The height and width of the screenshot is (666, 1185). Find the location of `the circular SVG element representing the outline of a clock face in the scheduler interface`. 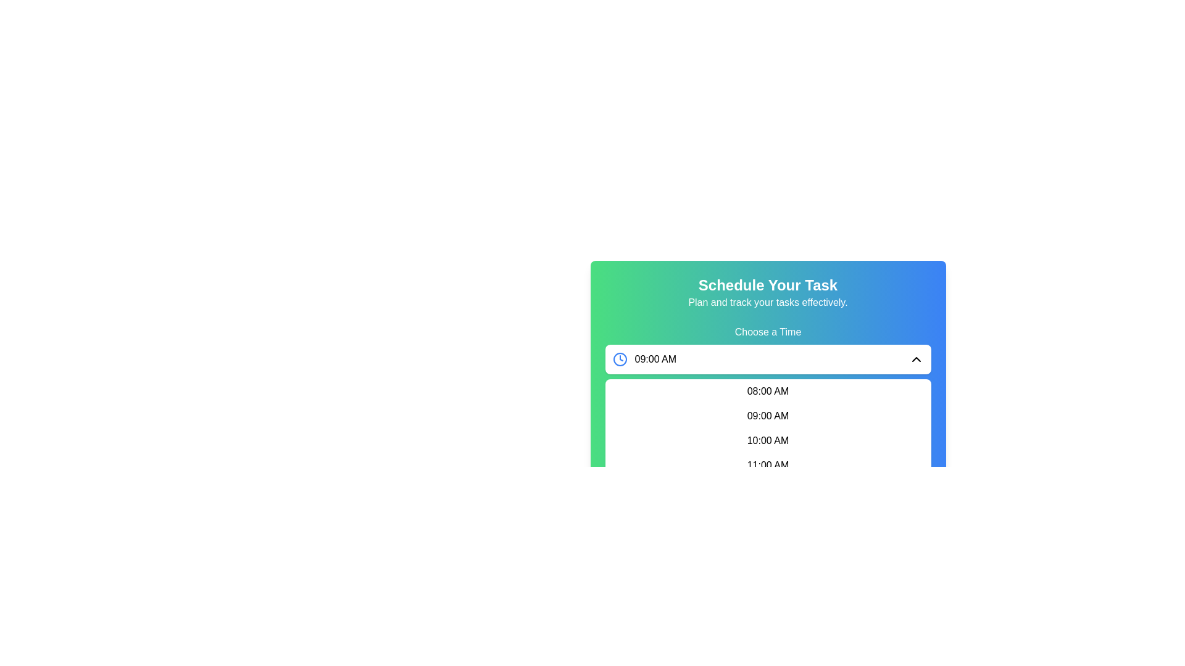

the circular SVG element representing the outline of a clock face in the scheduler interface is located at coordinates (620, 359).